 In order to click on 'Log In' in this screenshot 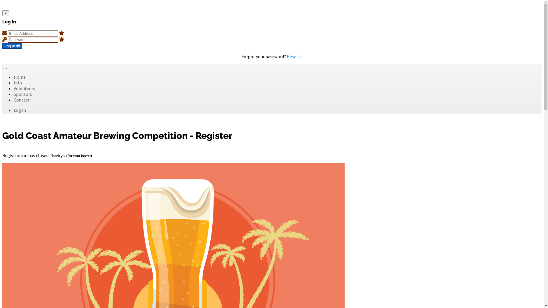, I will do `click(14, 110)`.